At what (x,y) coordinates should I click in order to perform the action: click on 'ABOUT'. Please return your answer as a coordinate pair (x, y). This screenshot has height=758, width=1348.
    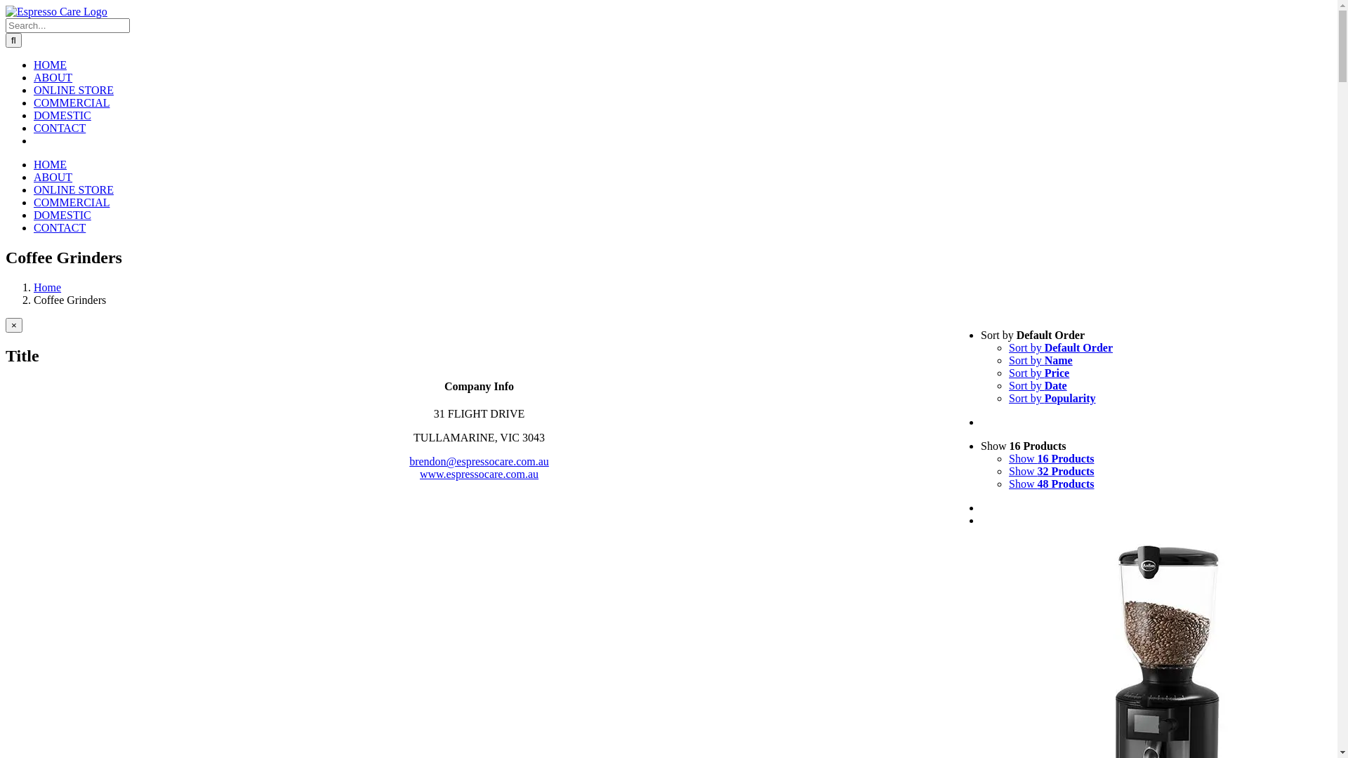
    Looking at the image, I should click on (34, 77).